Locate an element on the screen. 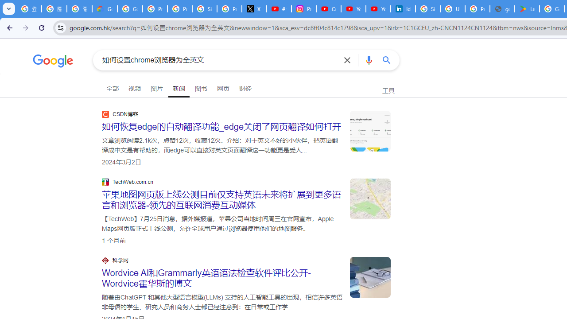  'Privacy Help Center - Policies Help' is located at coordinates (179, 9).